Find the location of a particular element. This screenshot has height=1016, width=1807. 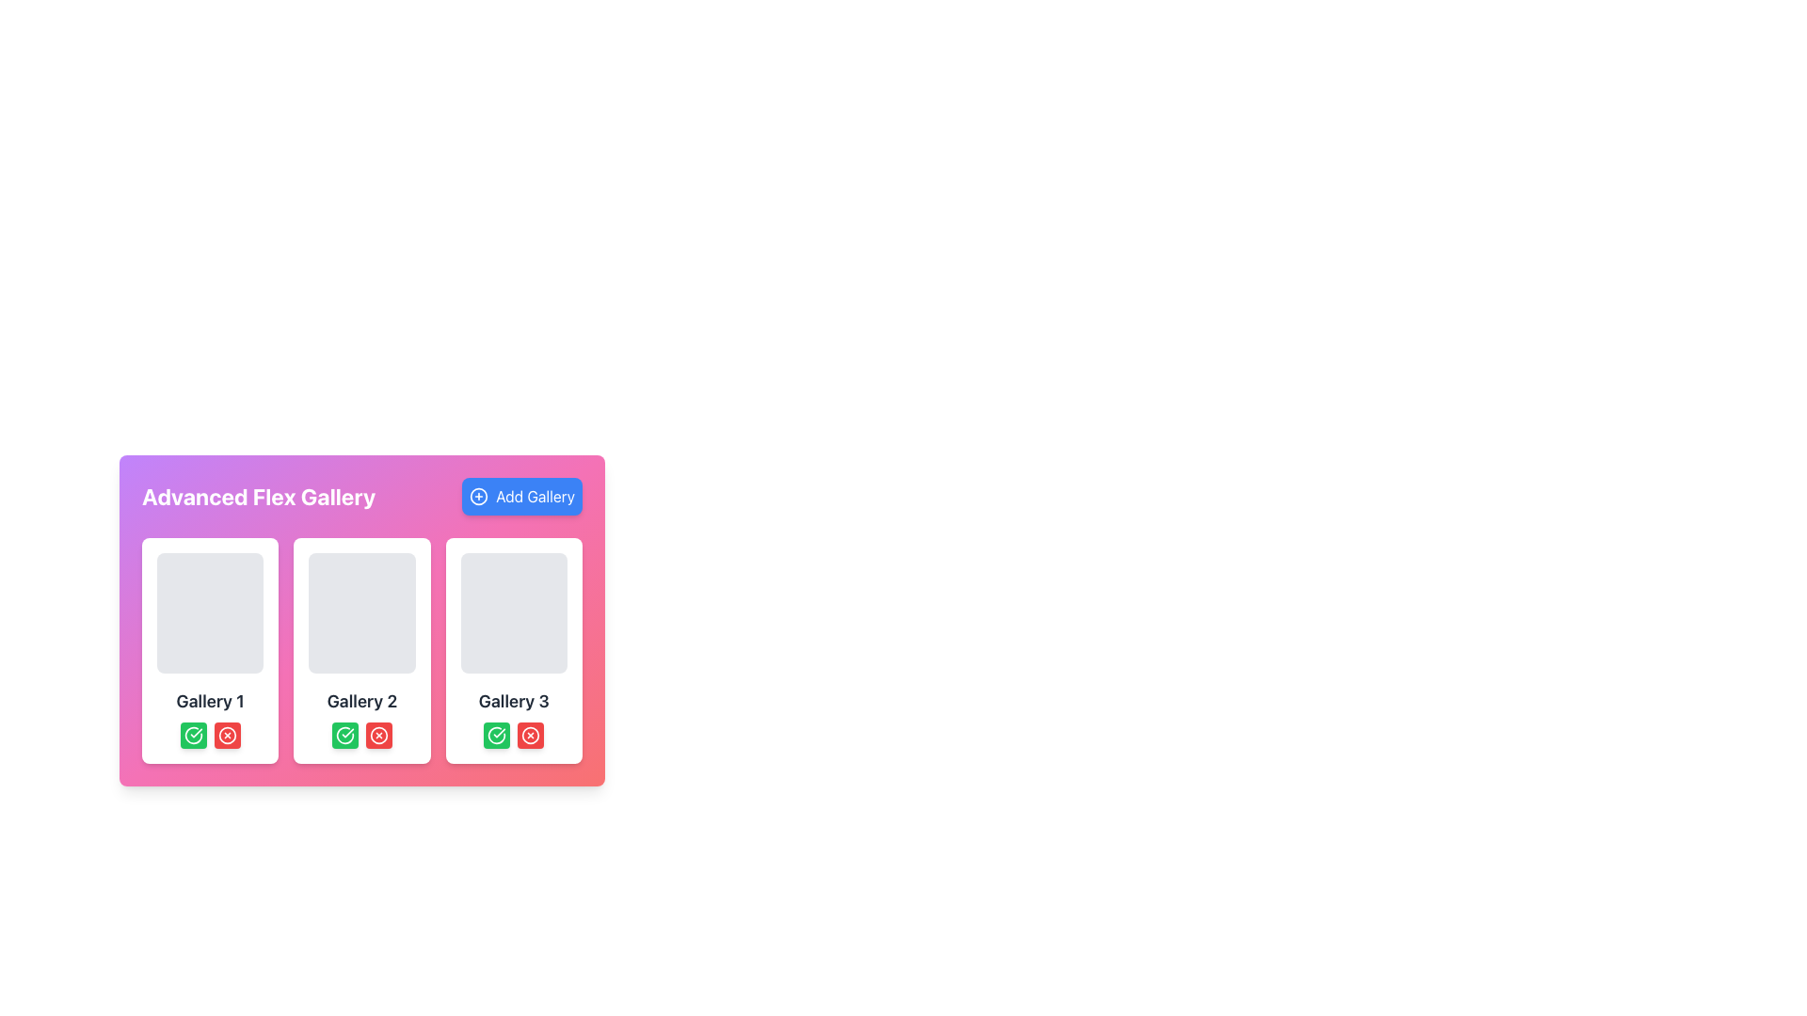

the icon button located to the right of the 'Add Gallery' button in the top-right corner of the gallery interface to initiate the gallery addition process is located at coordinates (479, 496).